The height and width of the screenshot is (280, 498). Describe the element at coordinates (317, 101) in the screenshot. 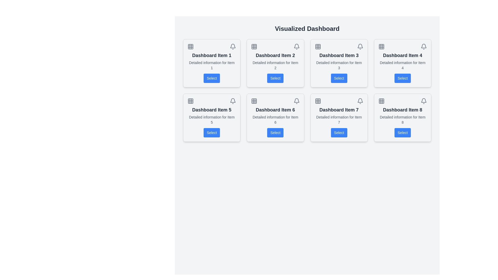

I see `the grid icon located above the title 'Dashboard Item 7' and to the left of the notification bell icon` at that location.